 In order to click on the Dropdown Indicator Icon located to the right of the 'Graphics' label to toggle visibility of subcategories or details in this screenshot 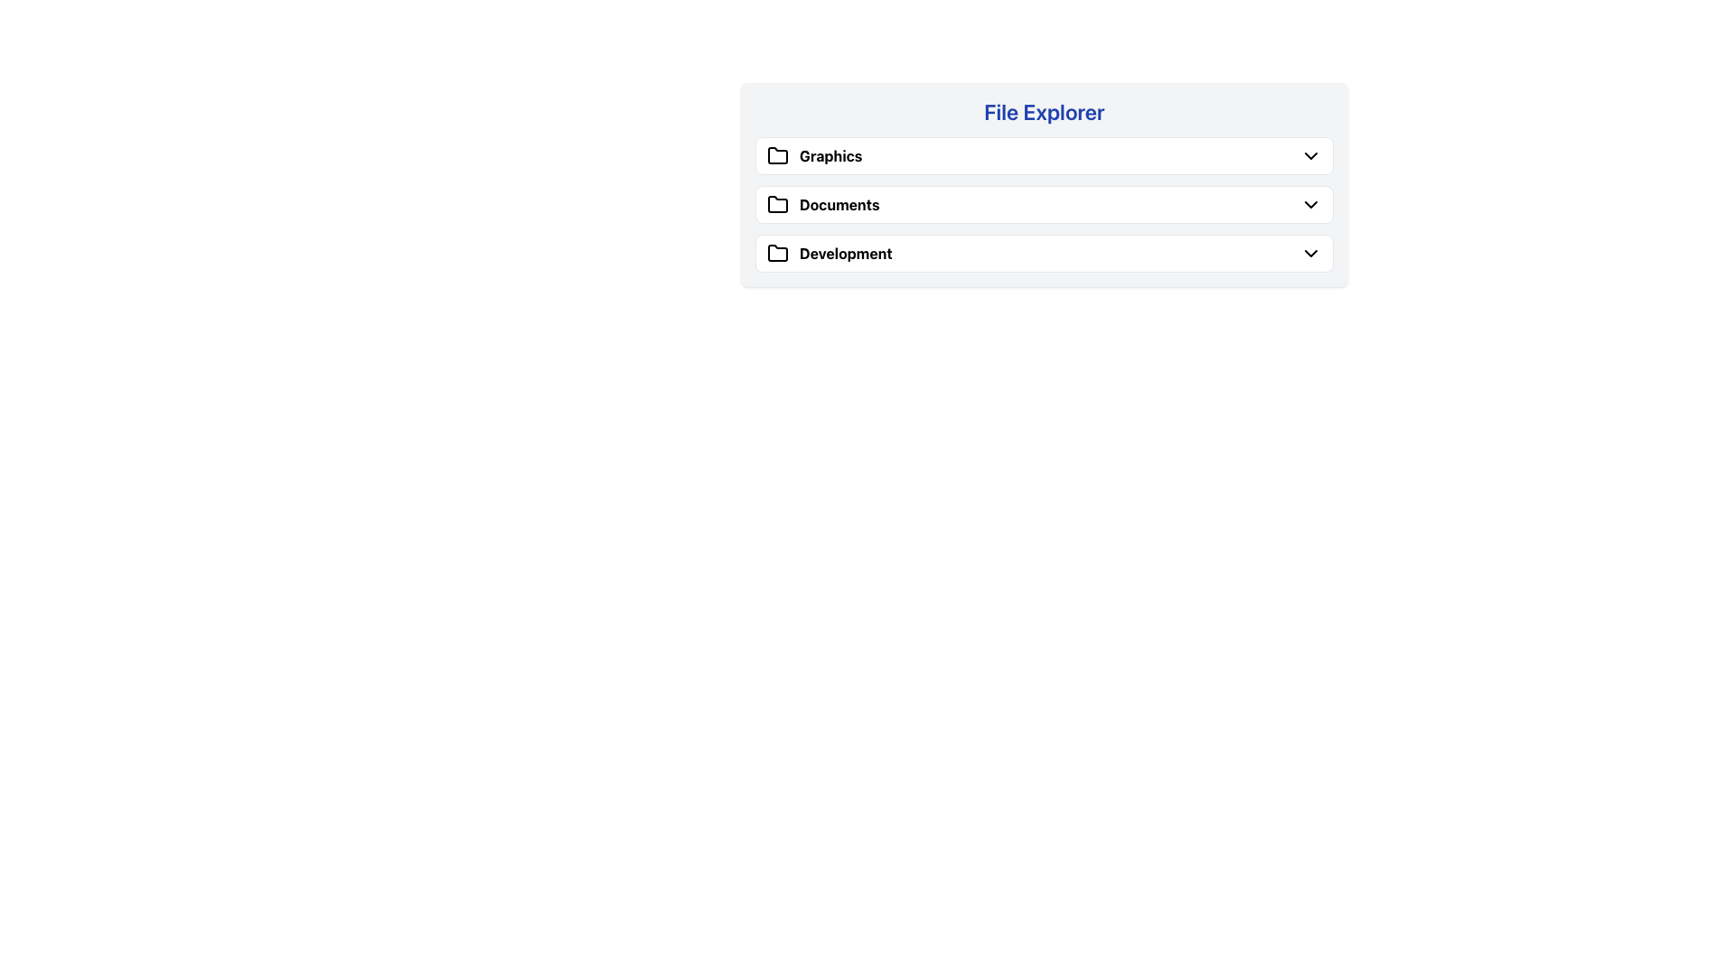, I will do `click(1310, 155)`.